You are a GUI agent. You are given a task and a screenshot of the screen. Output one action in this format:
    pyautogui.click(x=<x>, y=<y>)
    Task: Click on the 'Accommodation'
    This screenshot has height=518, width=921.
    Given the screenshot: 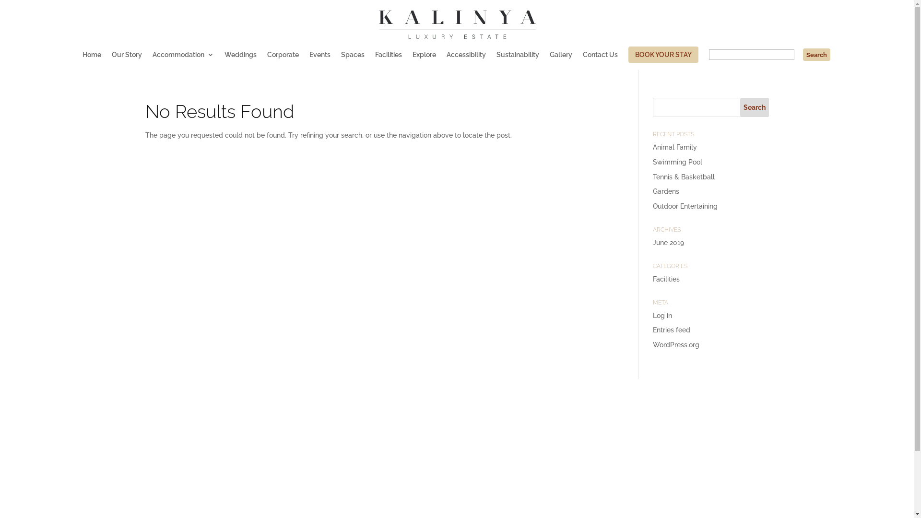 What is the action you would take?
    pyautogui.click(x=183, y=59)
    